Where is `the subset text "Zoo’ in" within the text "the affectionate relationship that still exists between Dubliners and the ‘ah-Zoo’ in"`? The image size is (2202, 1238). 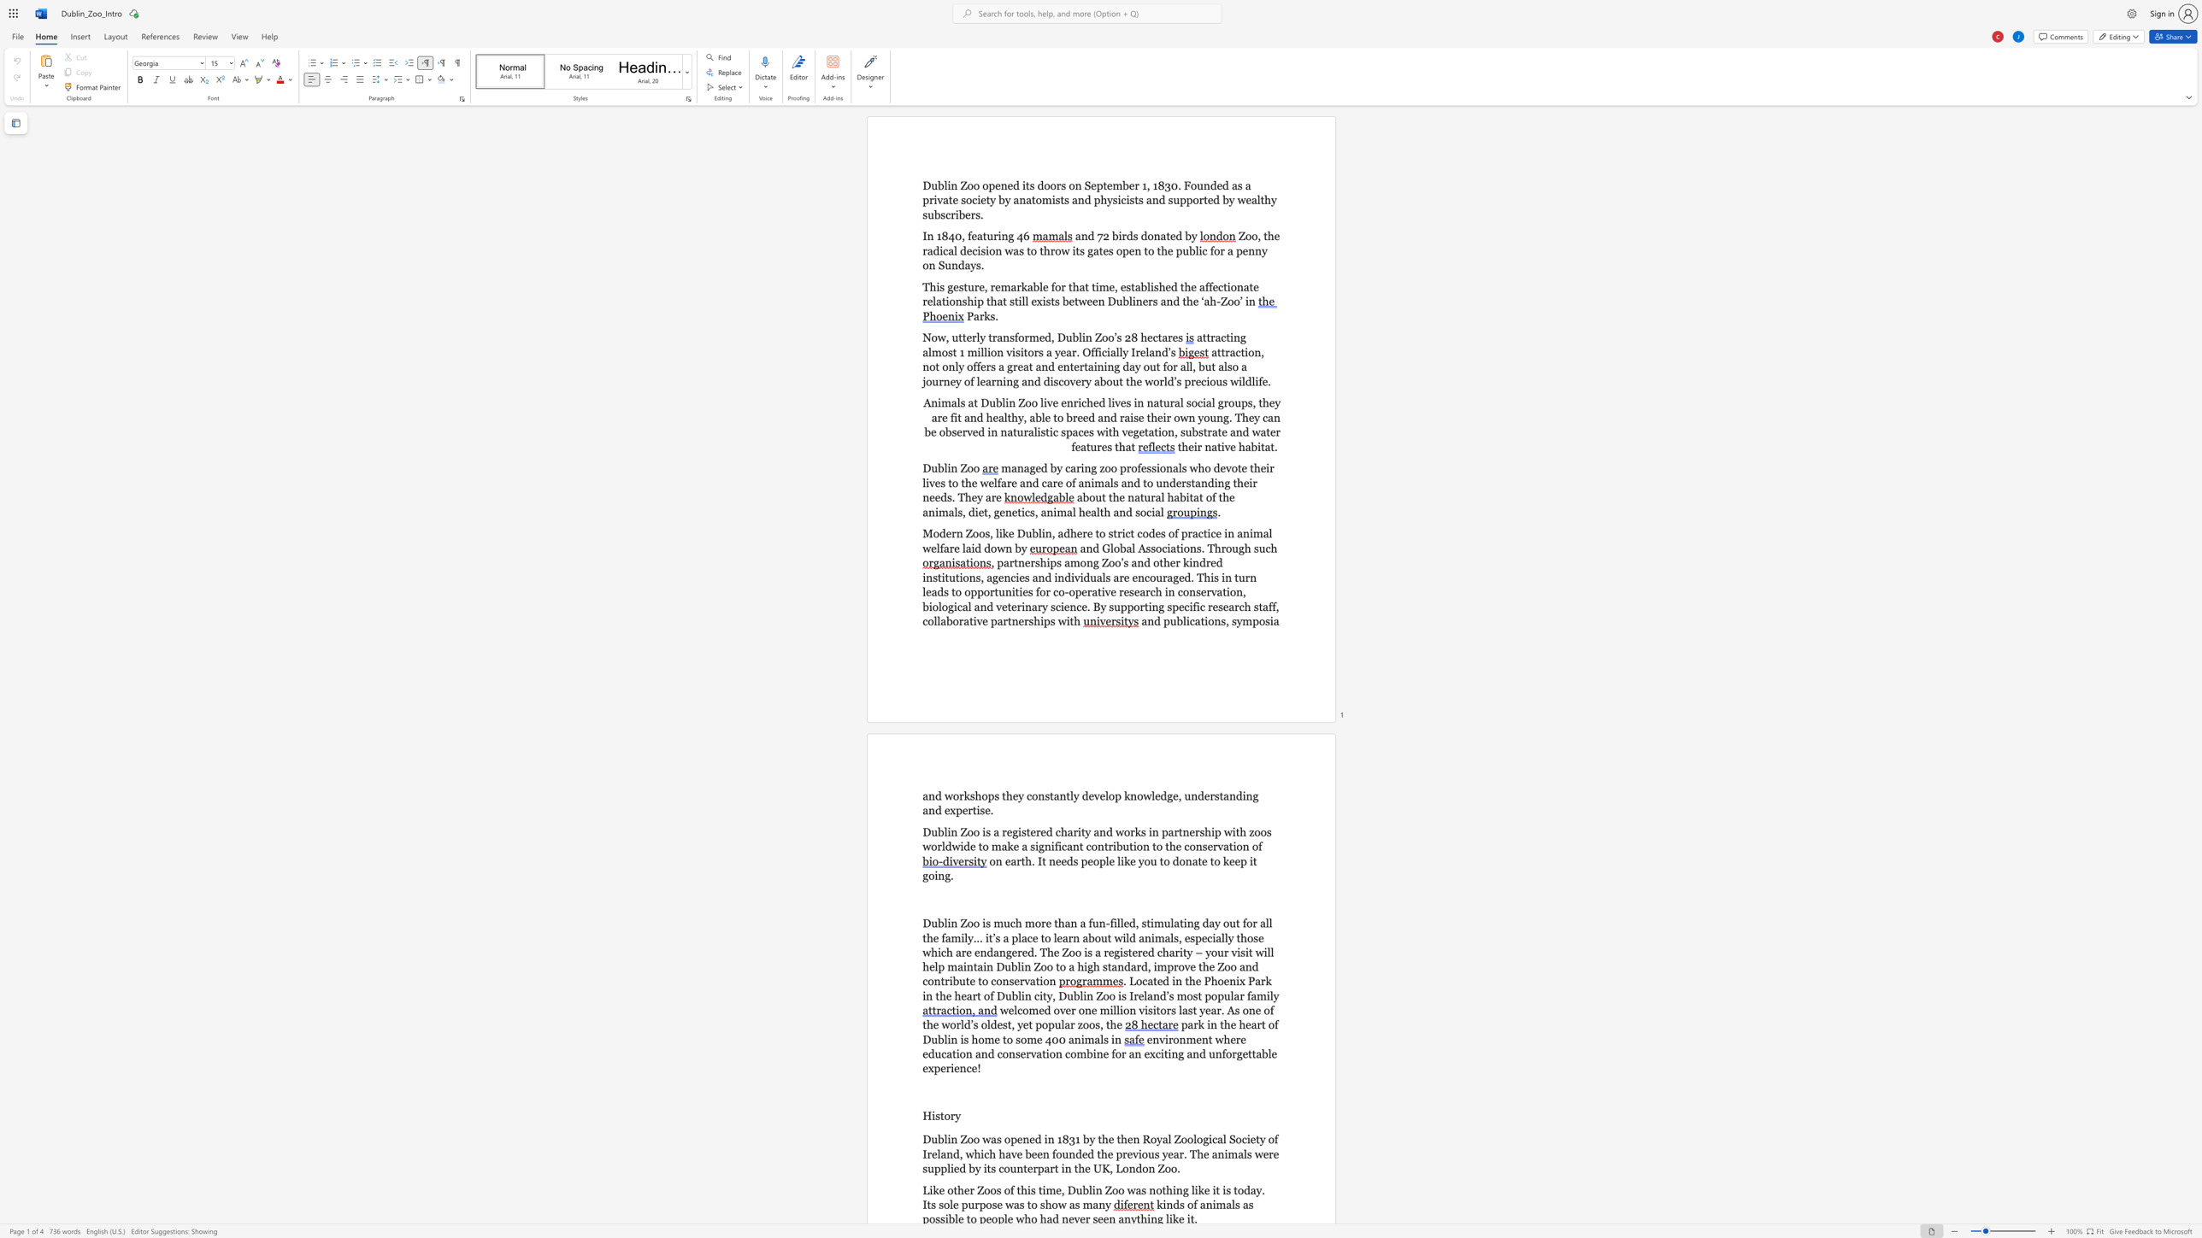
the subset text "Zoo’ in" within the text "the affectionate relationship that still exists between Dubliners and the ‘ah-Zoo’ in" is located at coordinates (1220, 302).